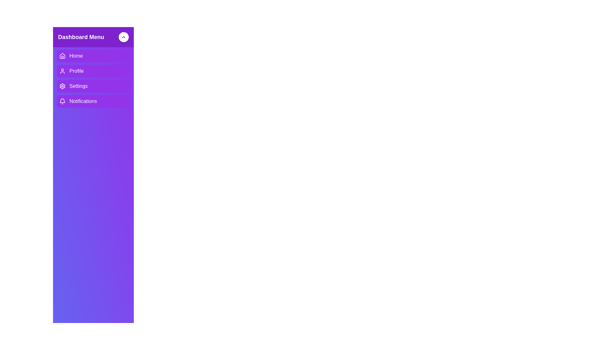  What do you see at coordinates (83, 101) in the screenshot?
I see `the text label for the notifications section located at the bottom of the vertical menu list on the left-hand side` at bounding box center [83, 101].